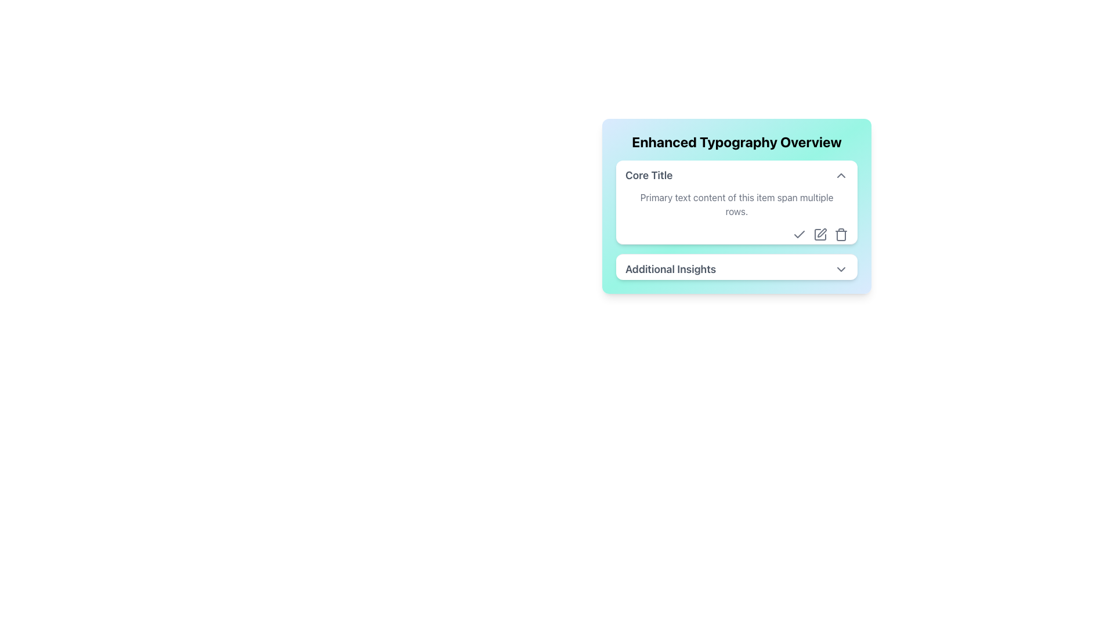 The height and width of the screenshot is (626, 1114). I want to click on text content from the element displaying 'Enhanced Typography Overview', which is a large, bold title located at the top of a card with a gradient blue to teal background, so click(736, 141).